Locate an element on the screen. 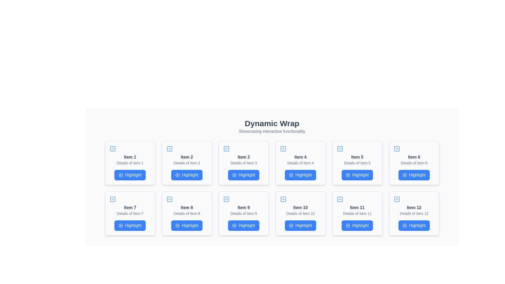 The width and height of the screenshot is (505, 284). title and details of the interactive card component, which is the second card in the horizontal list of items is located at coordinates (187, 163).